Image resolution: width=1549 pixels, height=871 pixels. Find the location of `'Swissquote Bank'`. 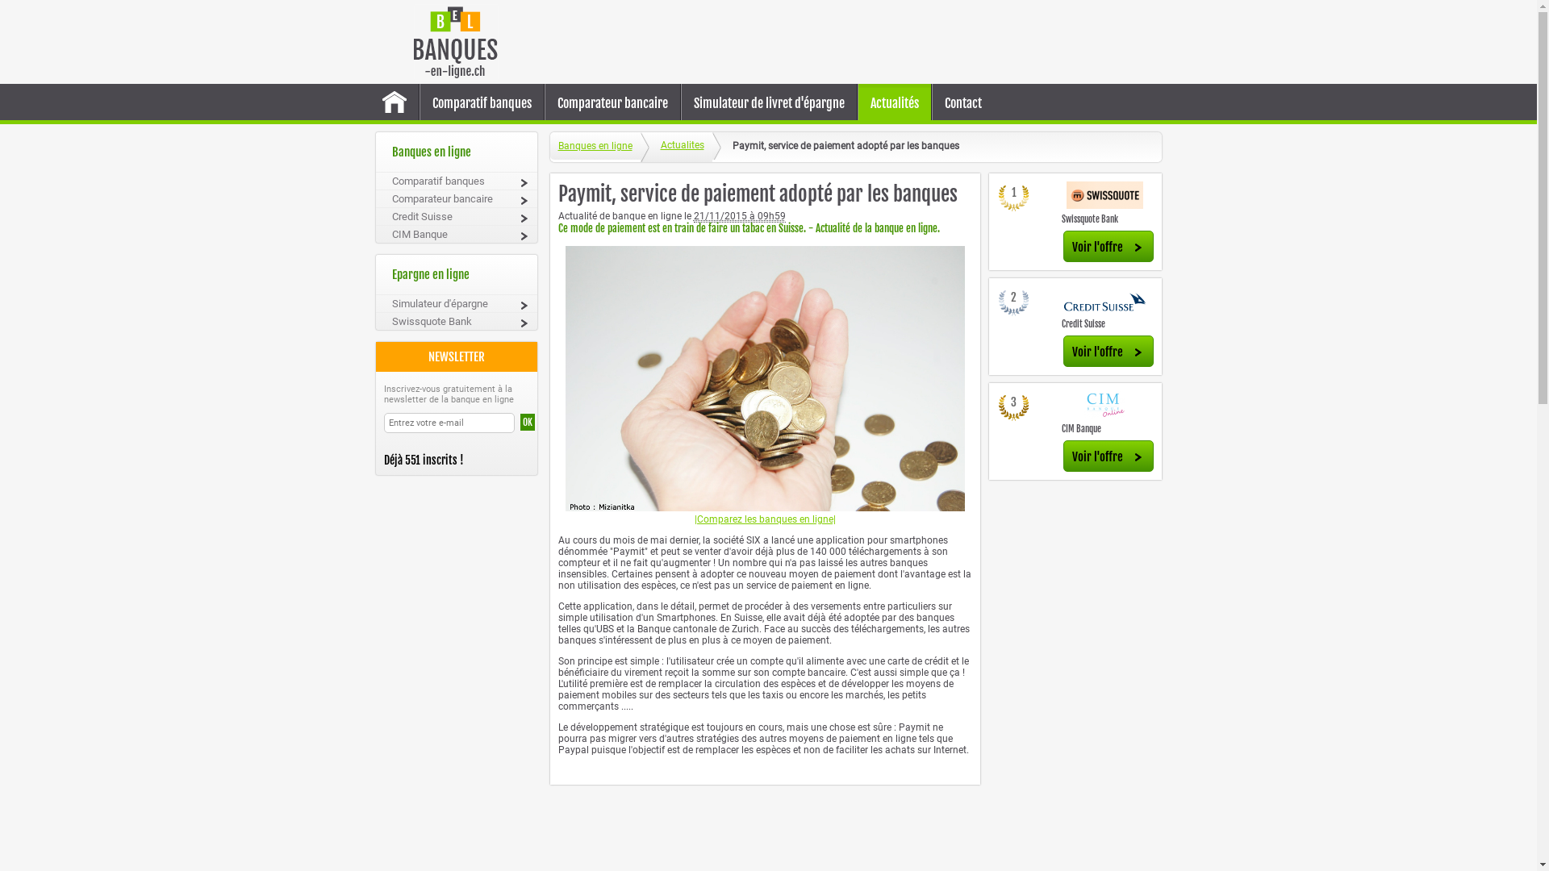

'Swissquote Bank' is located at coordinates (1089, 219).